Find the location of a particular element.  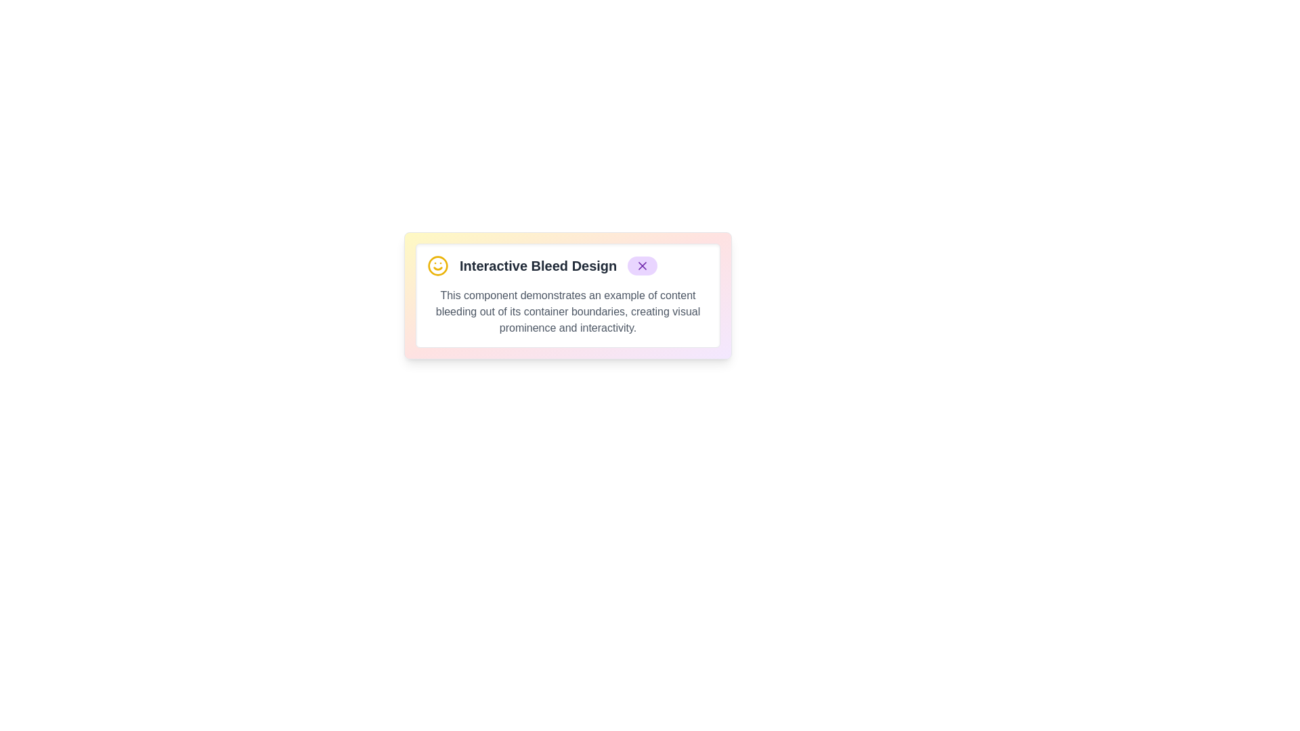

title text from the Card Header Section located at the top of the card, which includes a title and a close action button is located at coordinates (568, 266).